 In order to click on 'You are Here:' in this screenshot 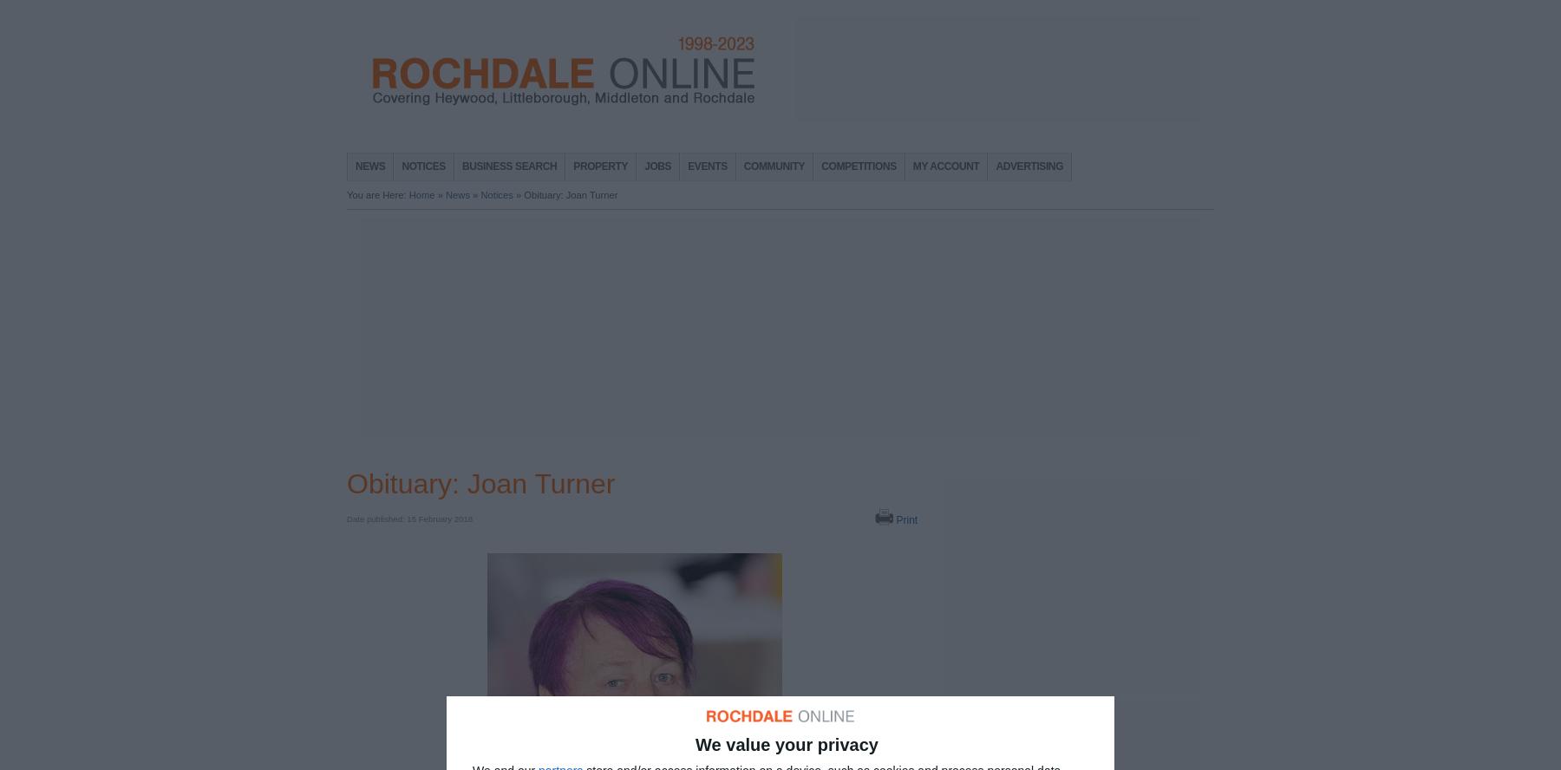, I will do `click(377, 195)`.